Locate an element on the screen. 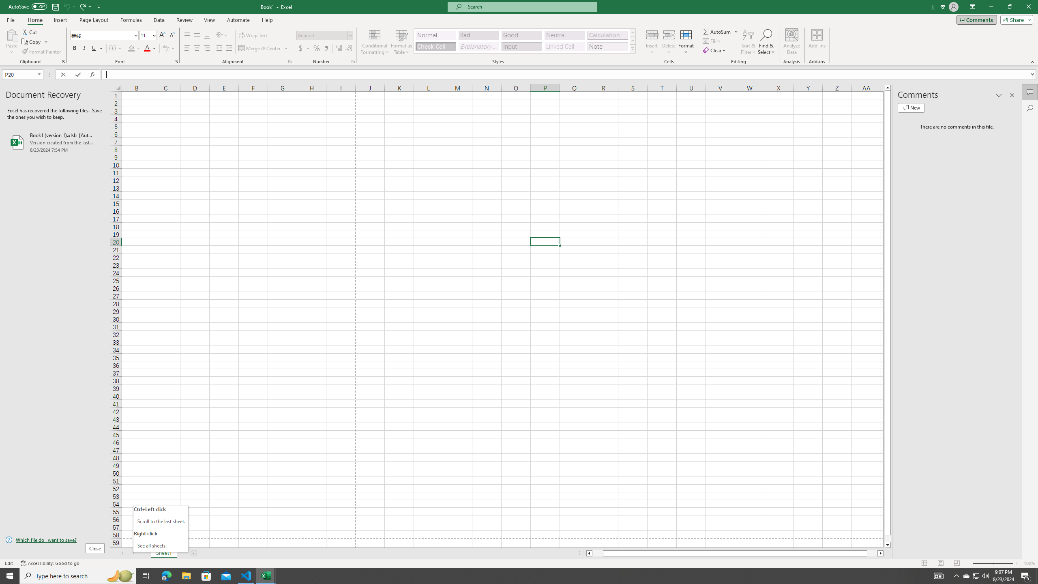  'Bottom Border' is located at coordinates (112, 48).